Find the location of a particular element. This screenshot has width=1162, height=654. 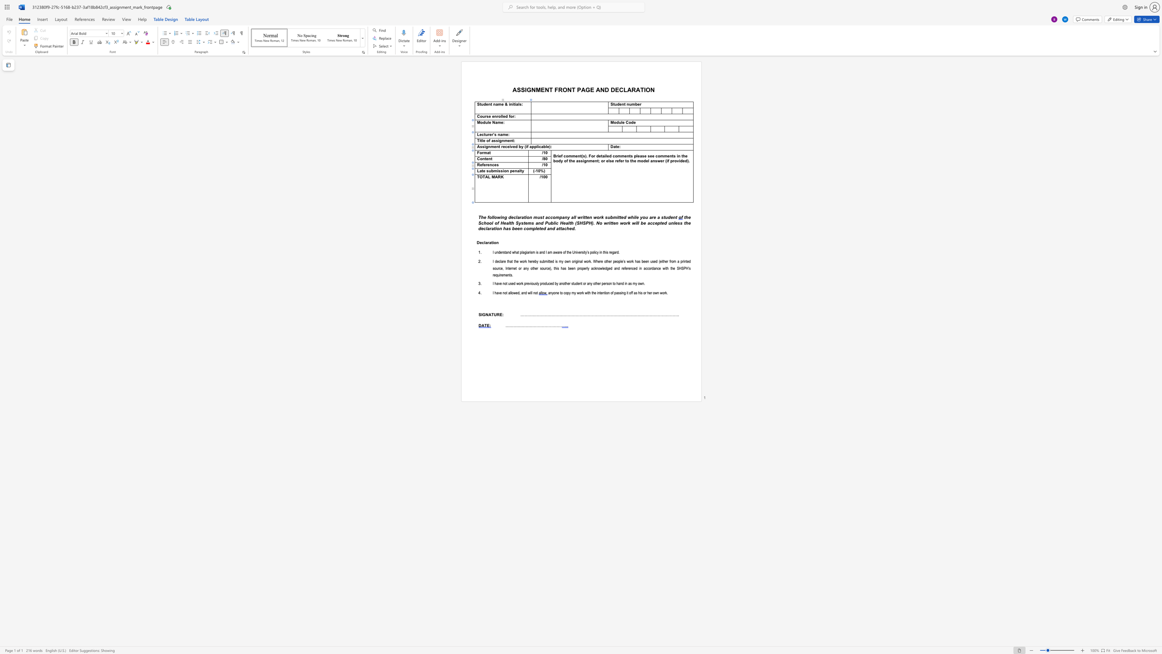

the 2th character "t" in the text is located at coordinates (524, 223).